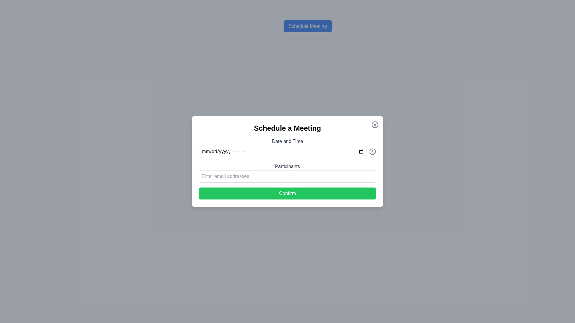  What do you see at coordinates (375, 124) in the screenshot?
I see `the close button located in the top-right corner of the 'Schedule a Meeting' modal window` at bounding box center [375, 124].